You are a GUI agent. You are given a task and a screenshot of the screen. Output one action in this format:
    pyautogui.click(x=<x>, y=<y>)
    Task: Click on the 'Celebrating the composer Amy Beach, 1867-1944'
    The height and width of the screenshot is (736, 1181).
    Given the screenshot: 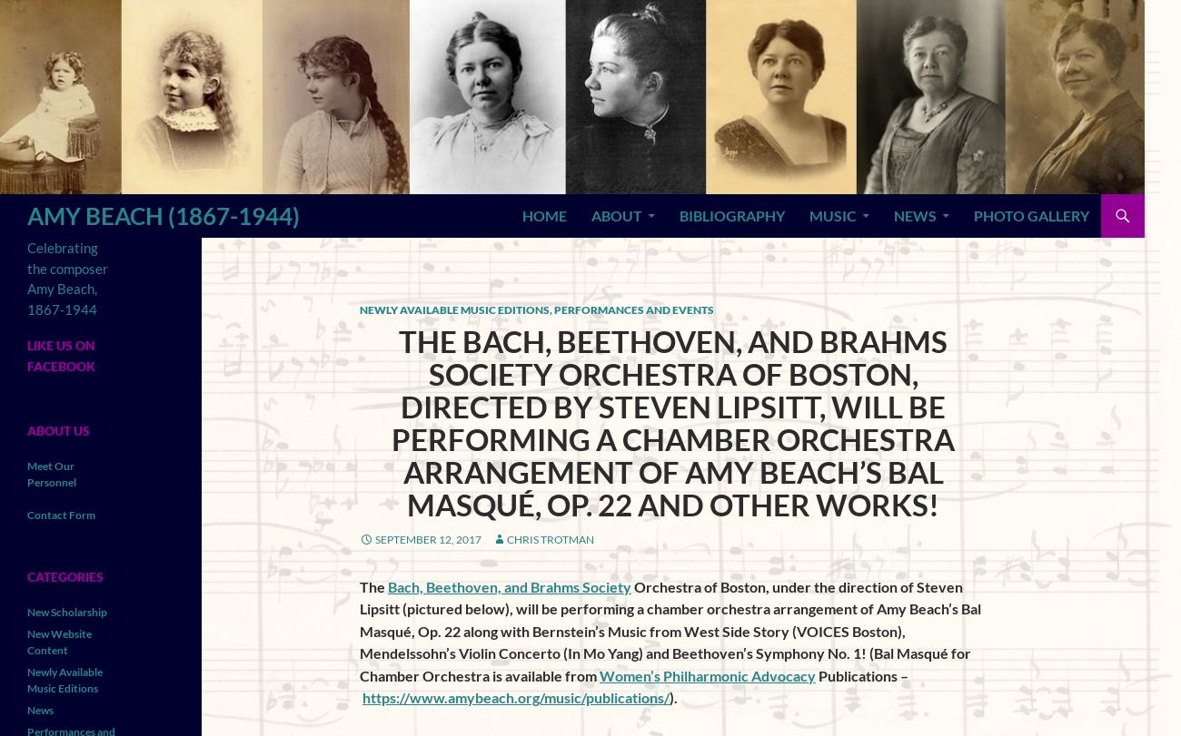 What is the action you would take?
    pyautogui.click(x=26, y=278)
    